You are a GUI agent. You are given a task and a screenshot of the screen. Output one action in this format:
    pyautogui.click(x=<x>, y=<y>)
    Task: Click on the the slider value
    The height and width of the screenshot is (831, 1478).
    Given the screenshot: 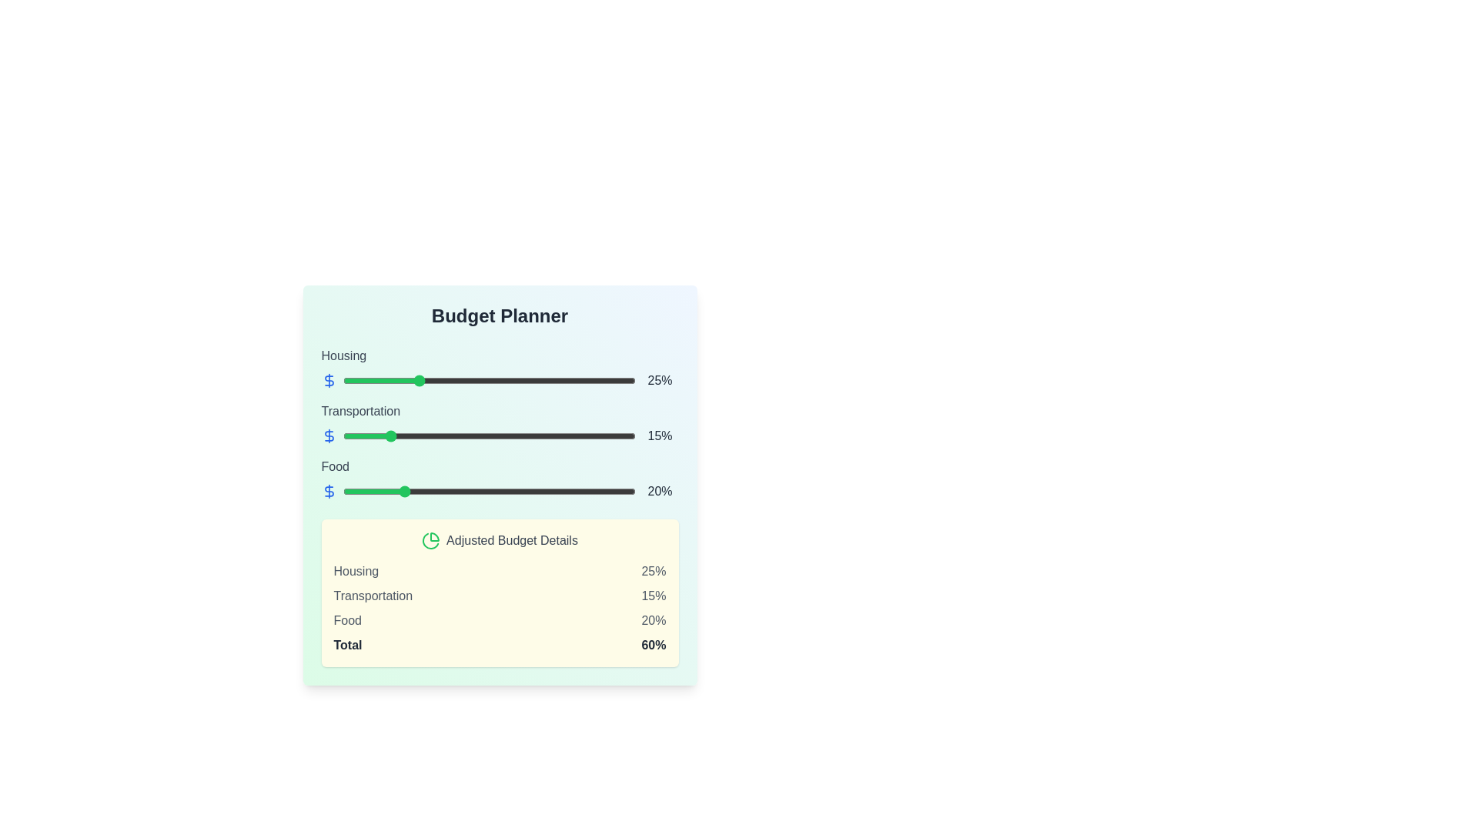 What is the action you would take?
    pyautogui.click(x=555, y=492)
    